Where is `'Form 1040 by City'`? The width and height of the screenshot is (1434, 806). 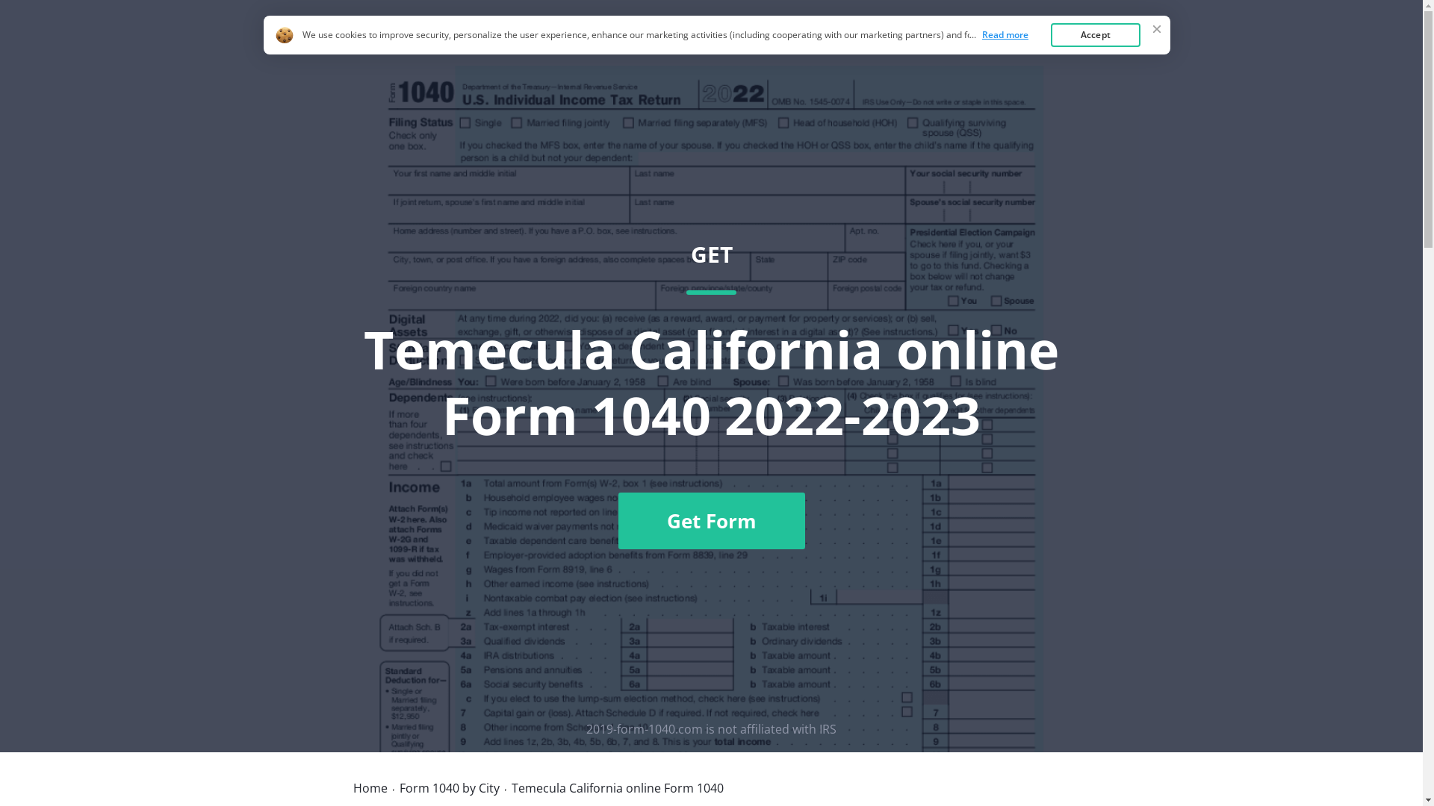 'Form 1040 by City' is located at coordinates (398, 787).